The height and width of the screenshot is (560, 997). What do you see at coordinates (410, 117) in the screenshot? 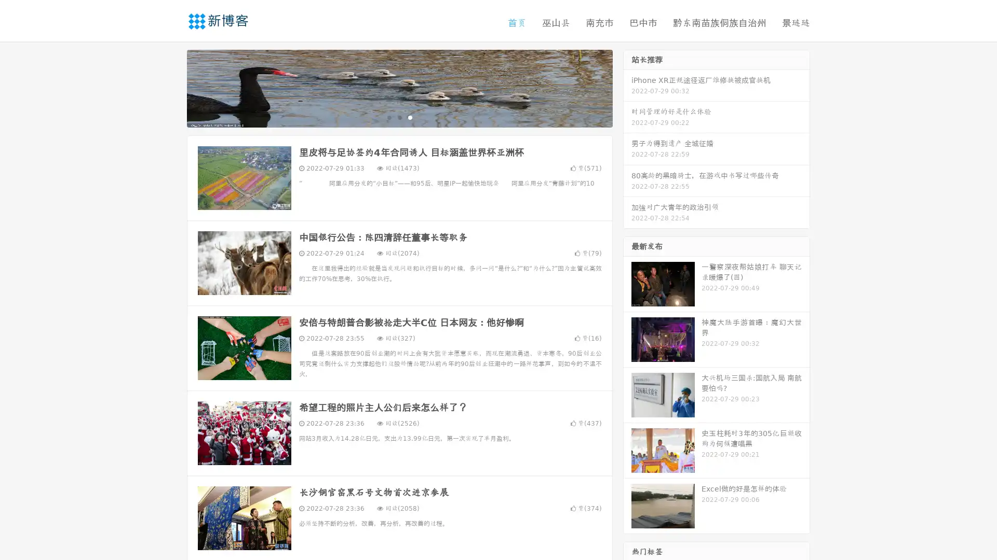
I see `Go to slide 3` at bounding box center [410, 117].